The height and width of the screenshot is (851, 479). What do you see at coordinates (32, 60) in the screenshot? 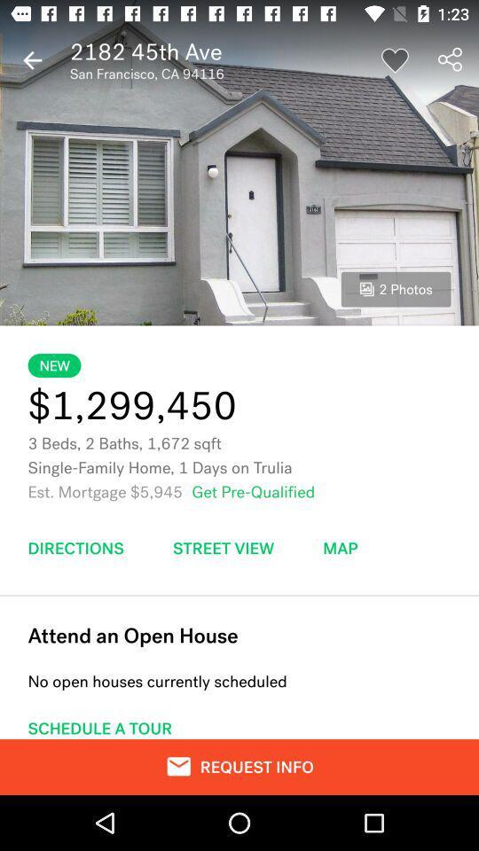
I see `previous` at bounding box center [32, 60].